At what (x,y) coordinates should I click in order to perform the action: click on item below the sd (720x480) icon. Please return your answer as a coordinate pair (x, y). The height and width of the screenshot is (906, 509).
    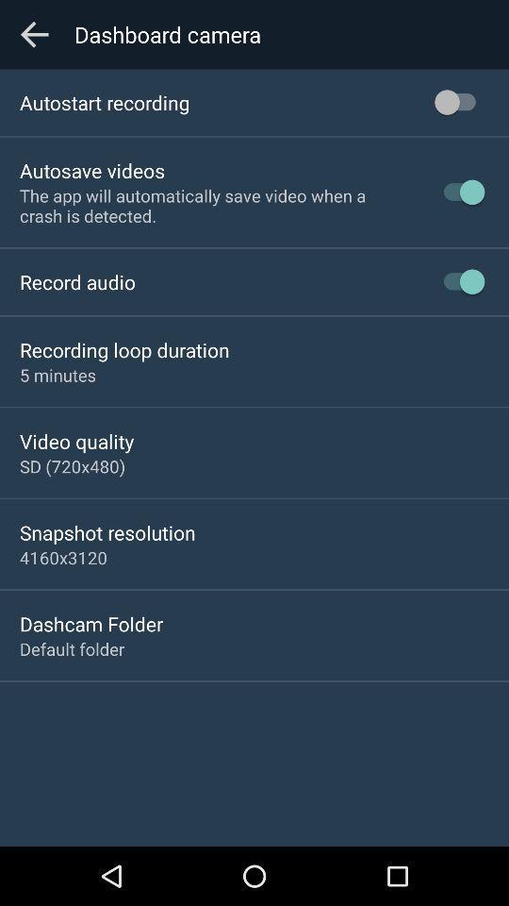
    Looking at the image, I should click on (107, 532).